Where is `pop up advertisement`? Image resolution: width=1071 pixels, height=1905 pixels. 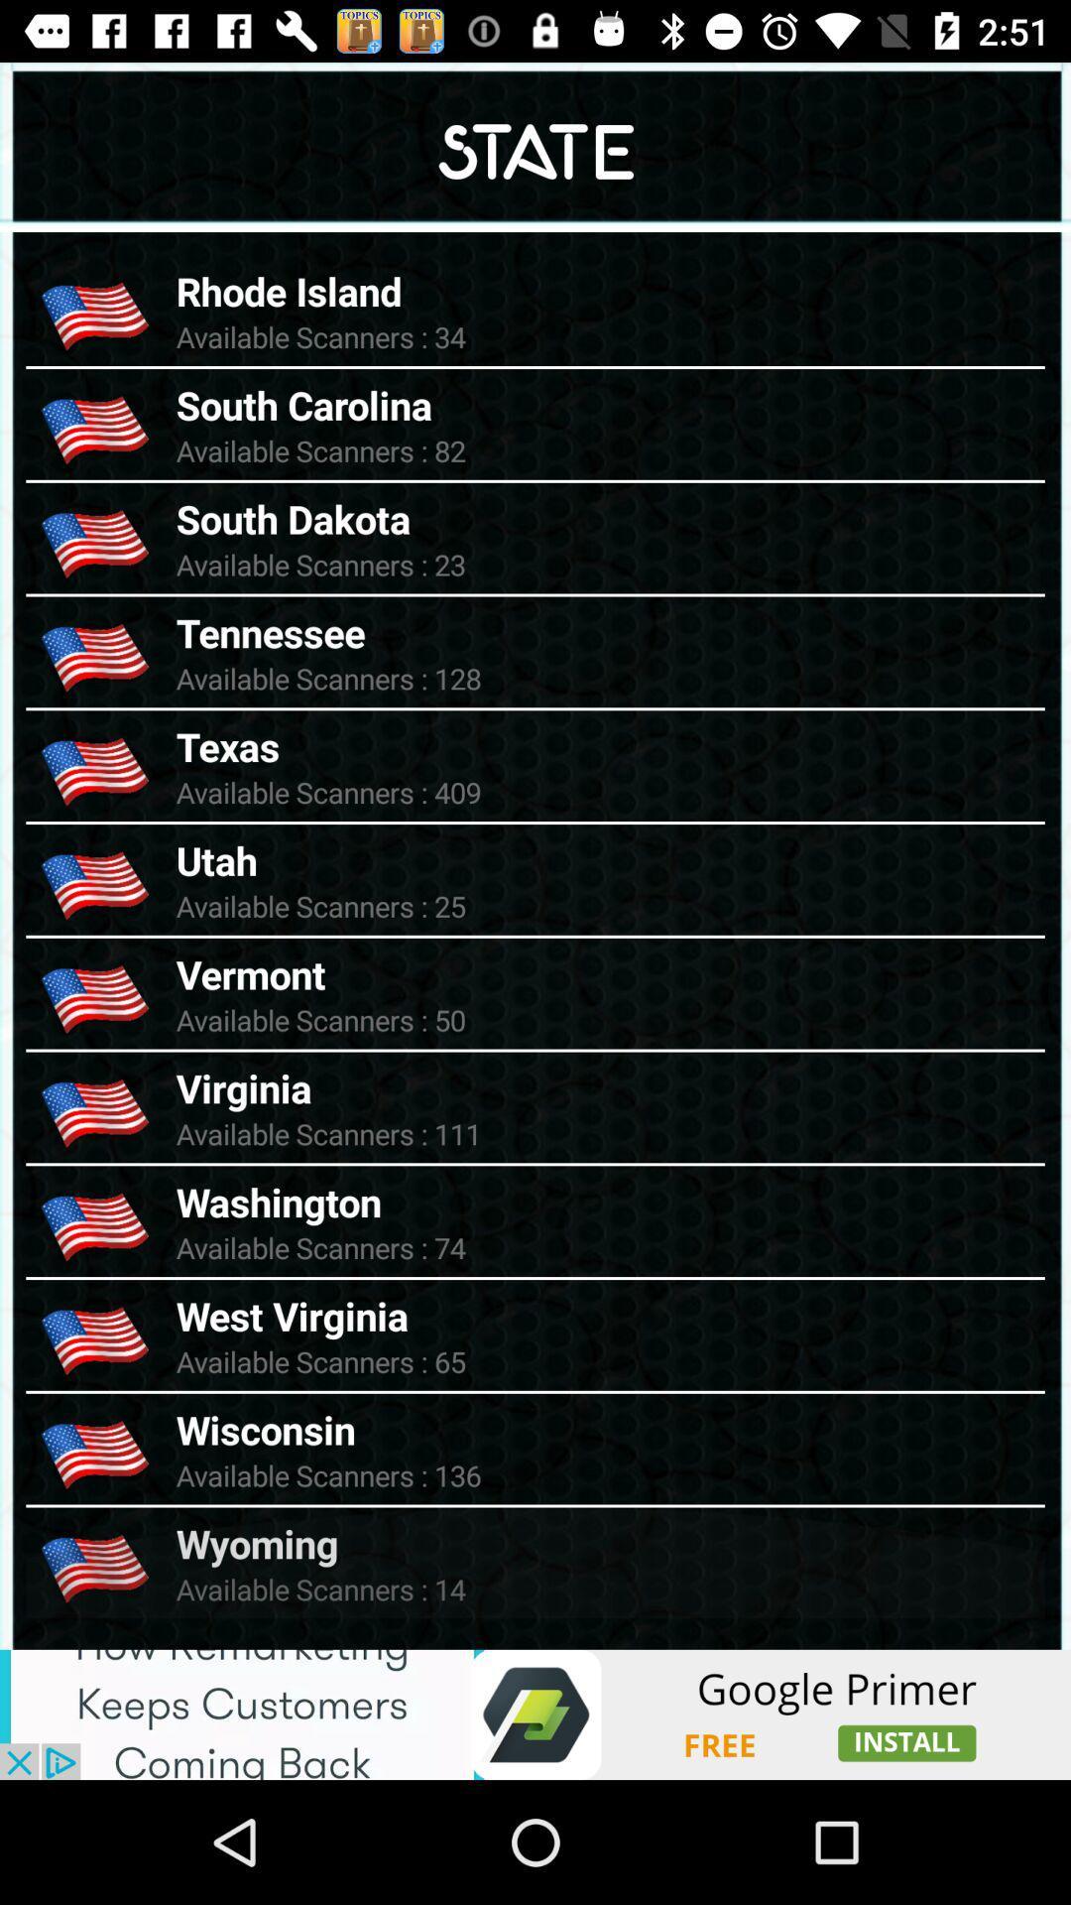 pop up advertisement is located at coordinates (535, 1714).